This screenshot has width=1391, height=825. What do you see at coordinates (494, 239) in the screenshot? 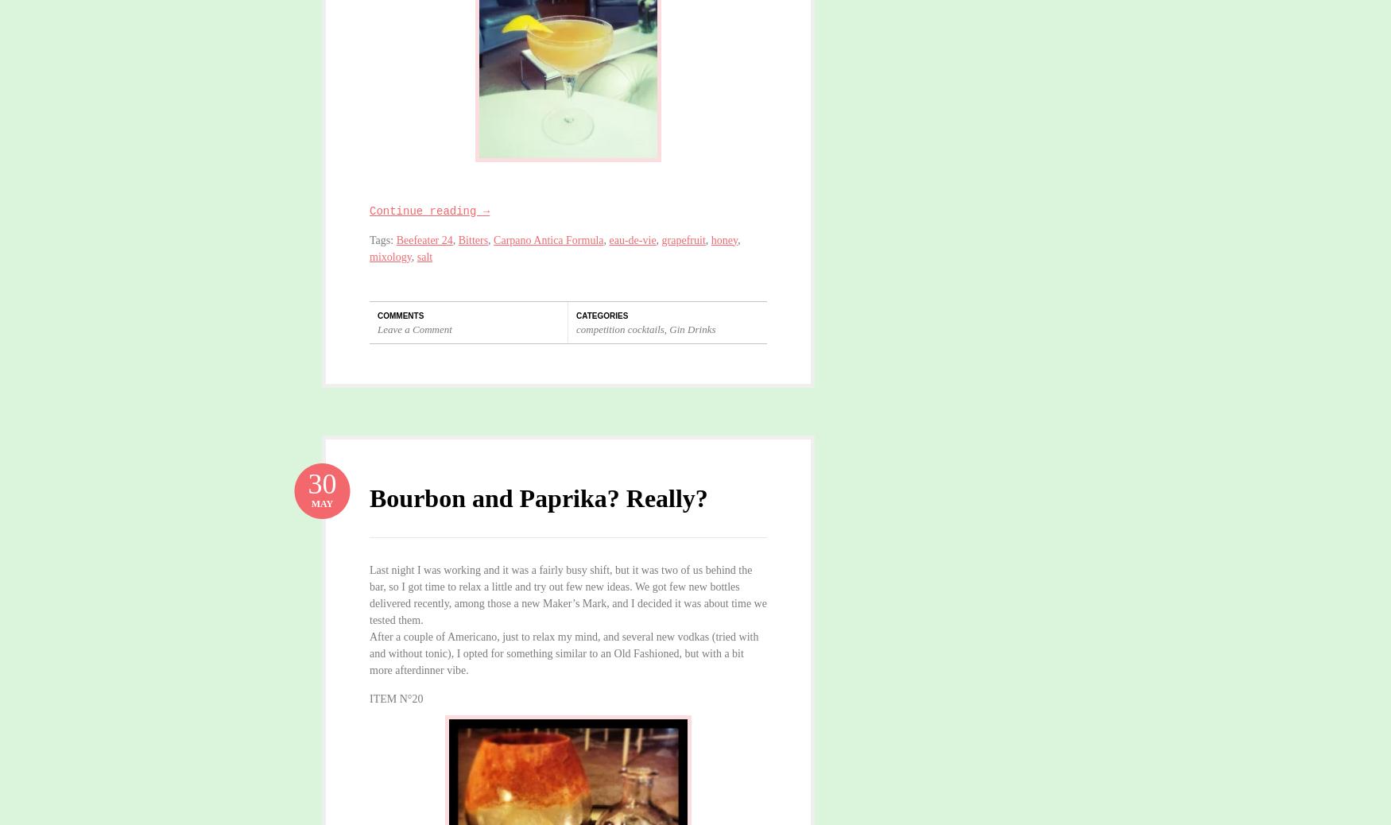
I see `'Carpano Antica Formula'` at bounding box center [494, 239].